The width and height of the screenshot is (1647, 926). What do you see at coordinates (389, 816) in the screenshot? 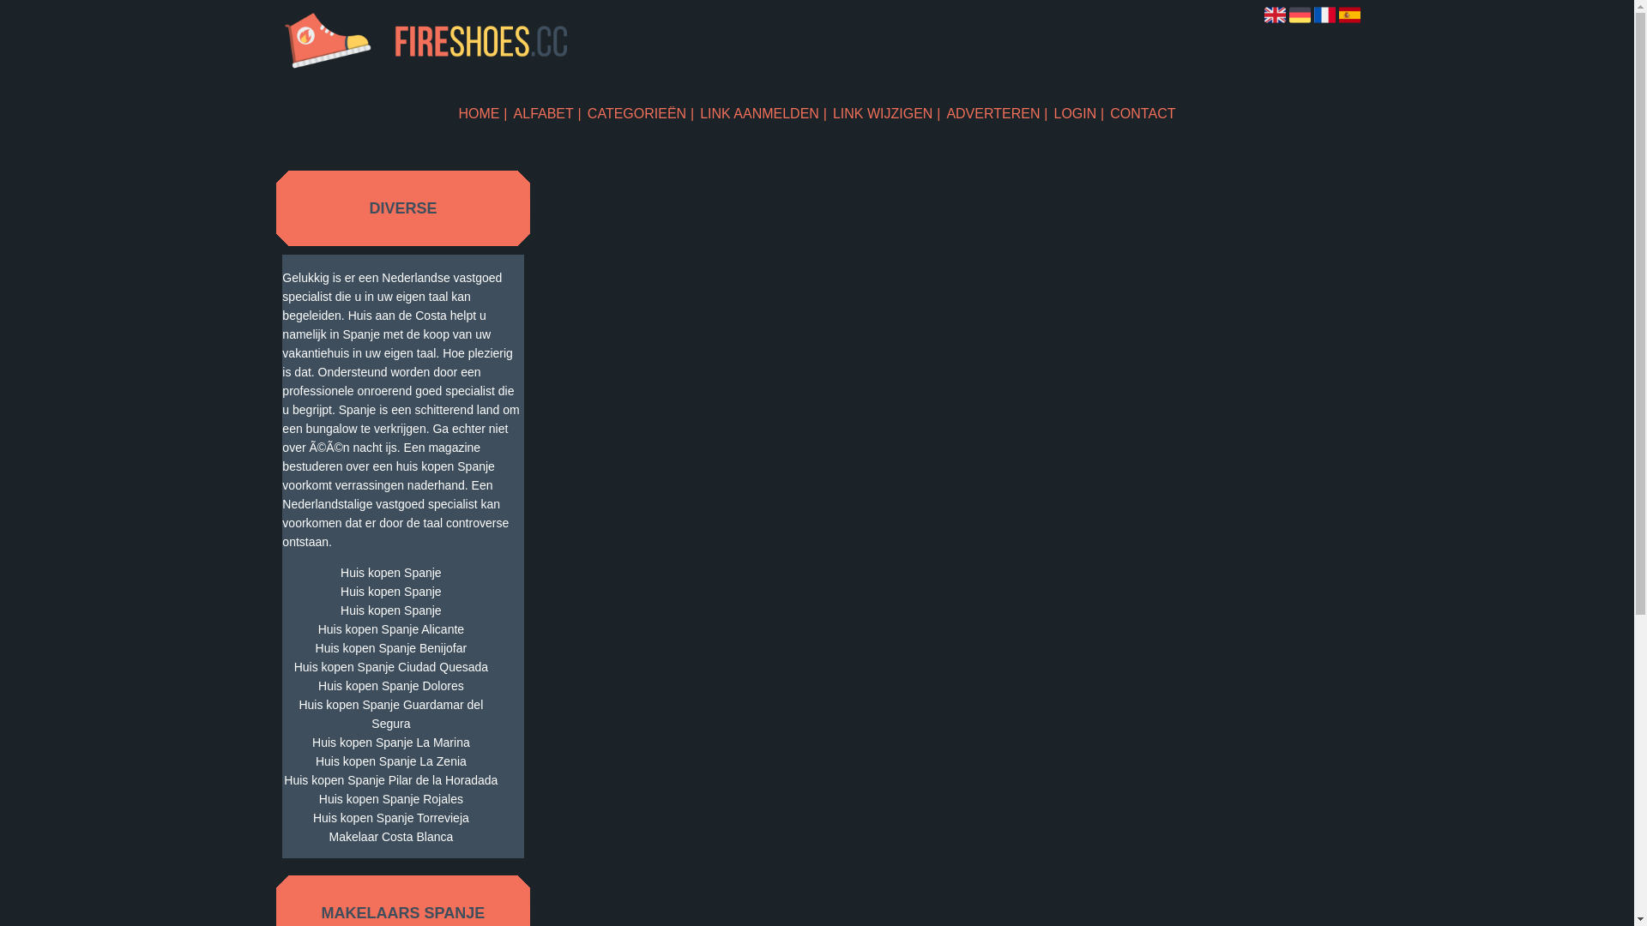
I see `'Huis kopen Spanje Torrevieja'` at bounding box center [389, 816].